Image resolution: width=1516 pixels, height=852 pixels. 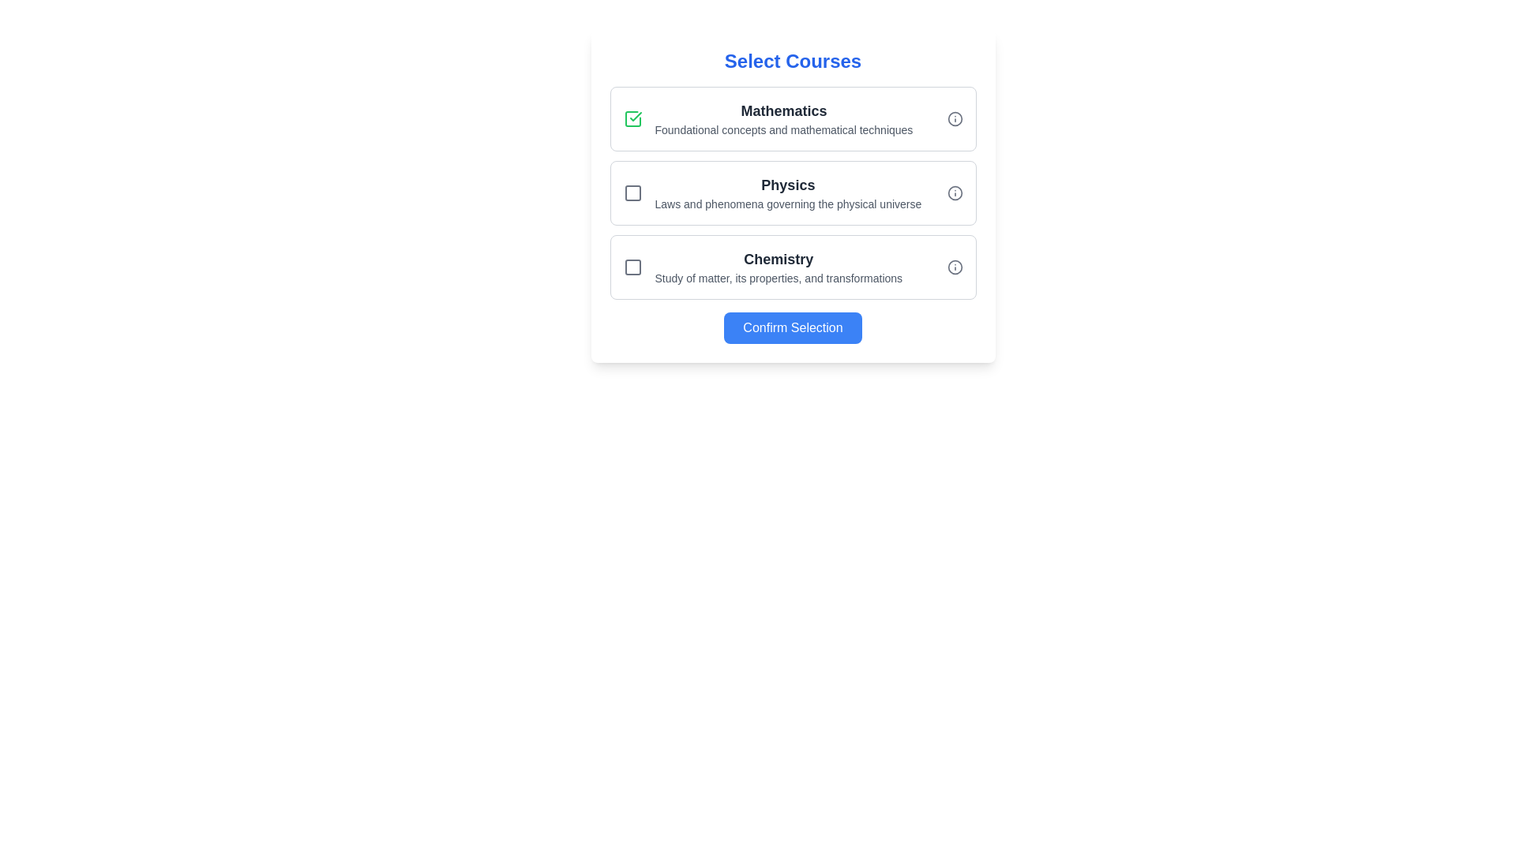 I want to click on the confirmation button located at the bottom of the 'Select Courses' section to provide visual feedback to the user, so click(x=793, y=327).